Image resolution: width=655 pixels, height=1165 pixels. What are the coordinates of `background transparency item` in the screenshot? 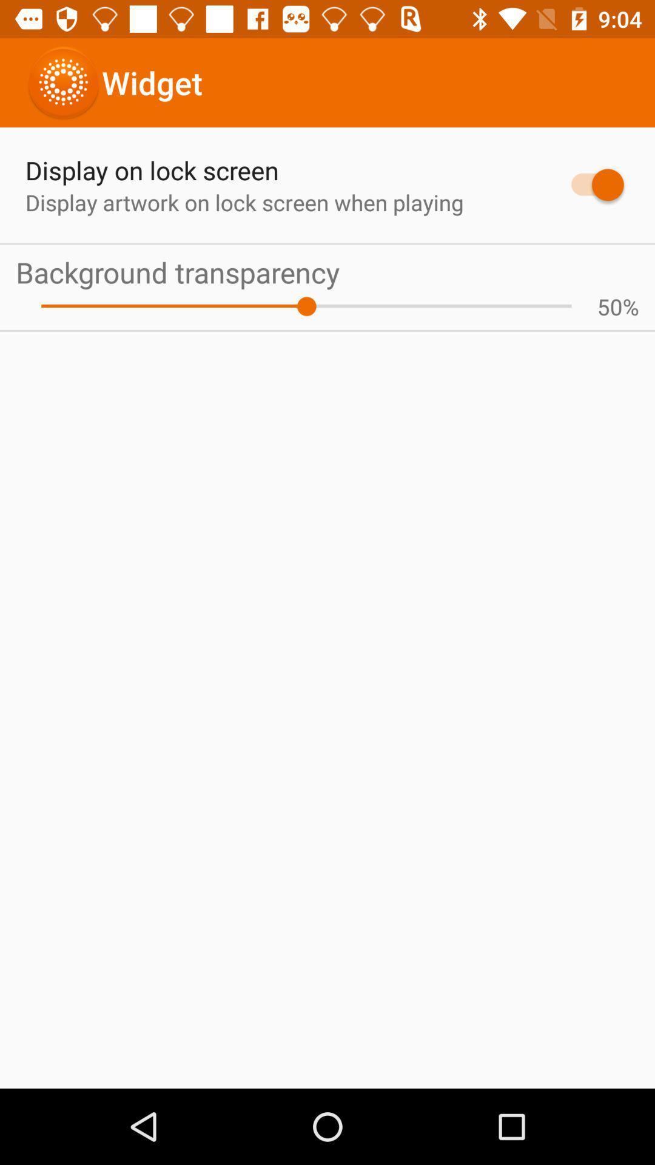 It's located at (327, 271).